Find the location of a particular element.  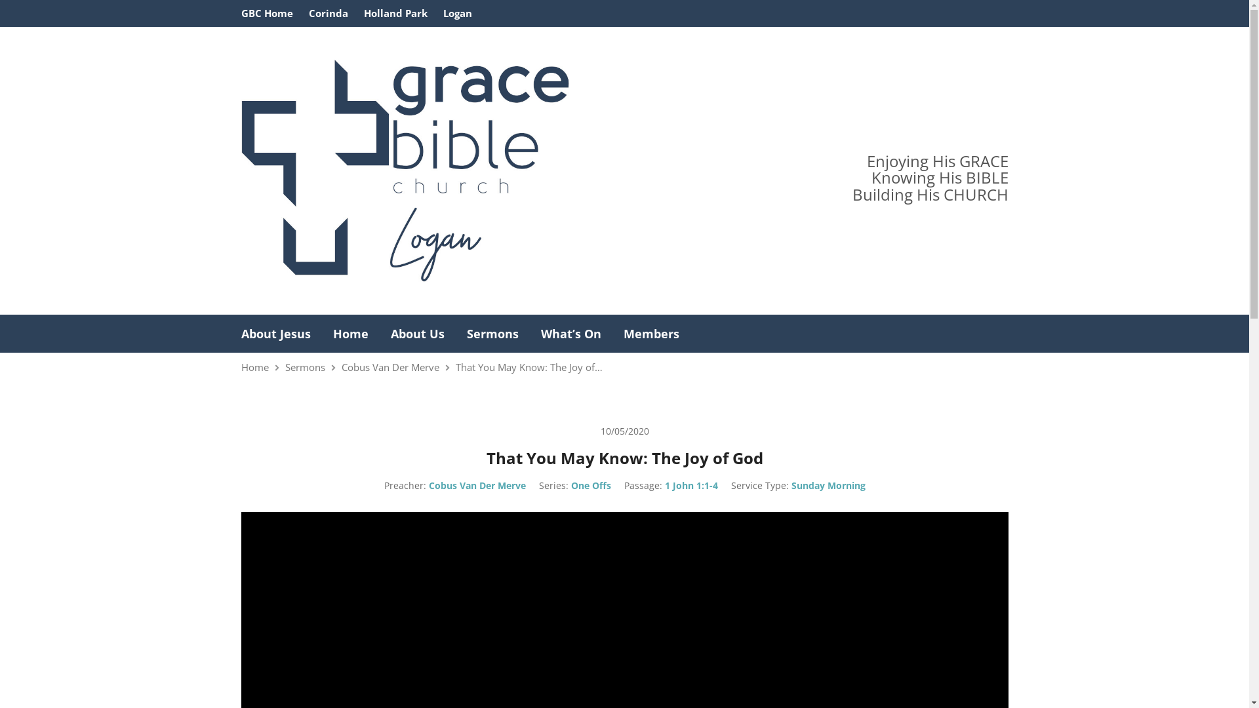

'GBC Home' is located at coordinates (241, 12).